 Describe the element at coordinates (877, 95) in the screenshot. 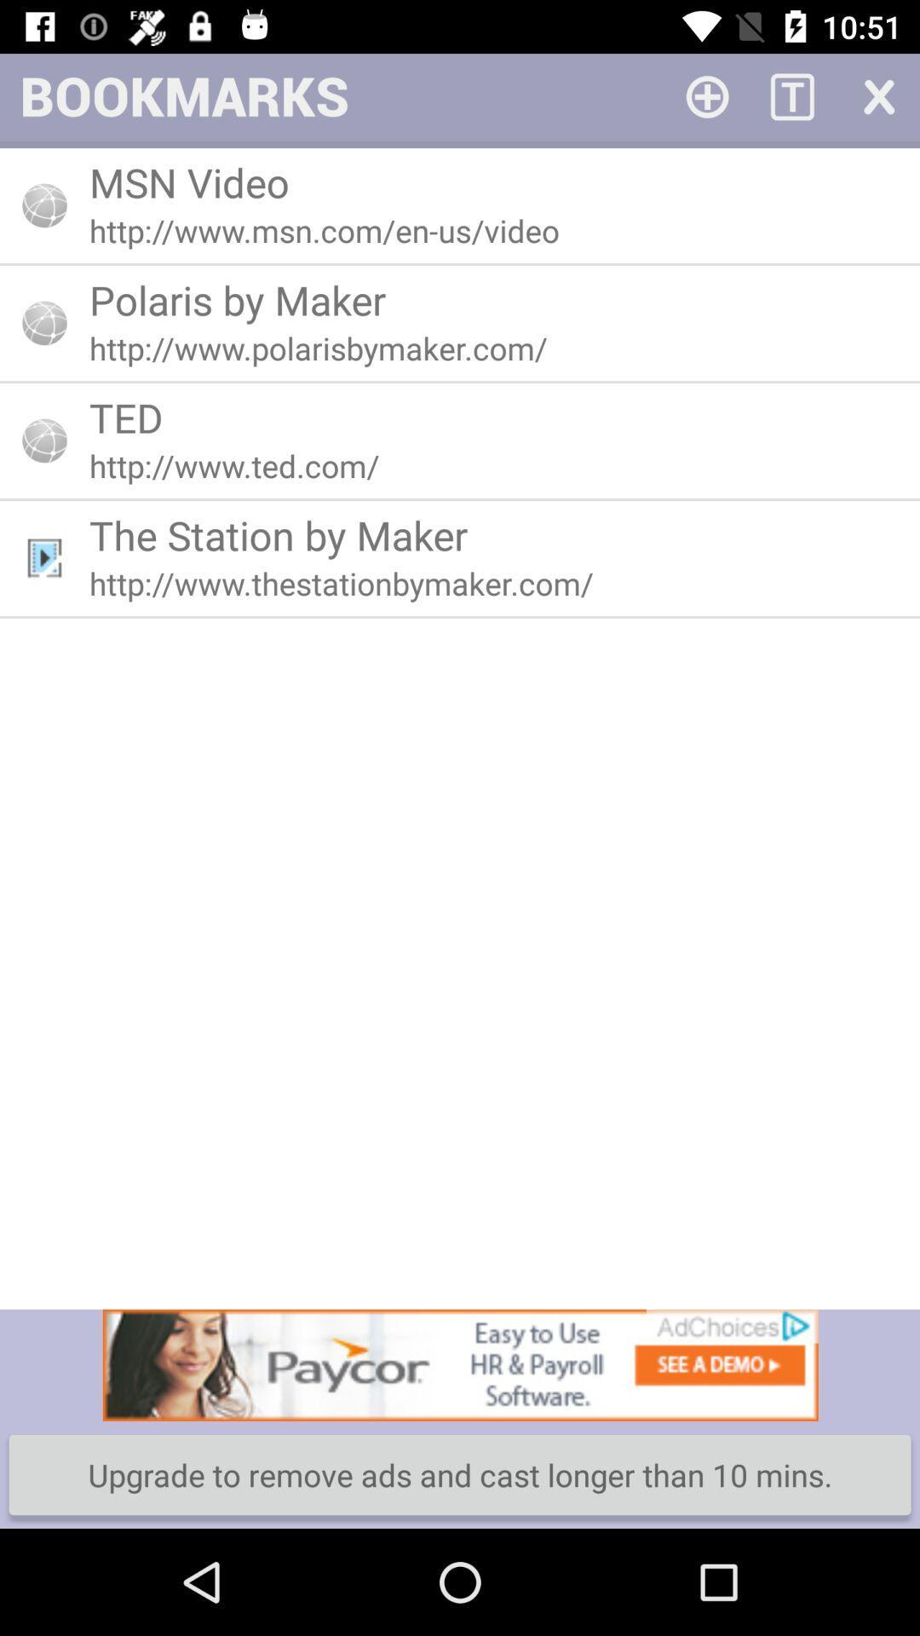

I see `close` at that location.